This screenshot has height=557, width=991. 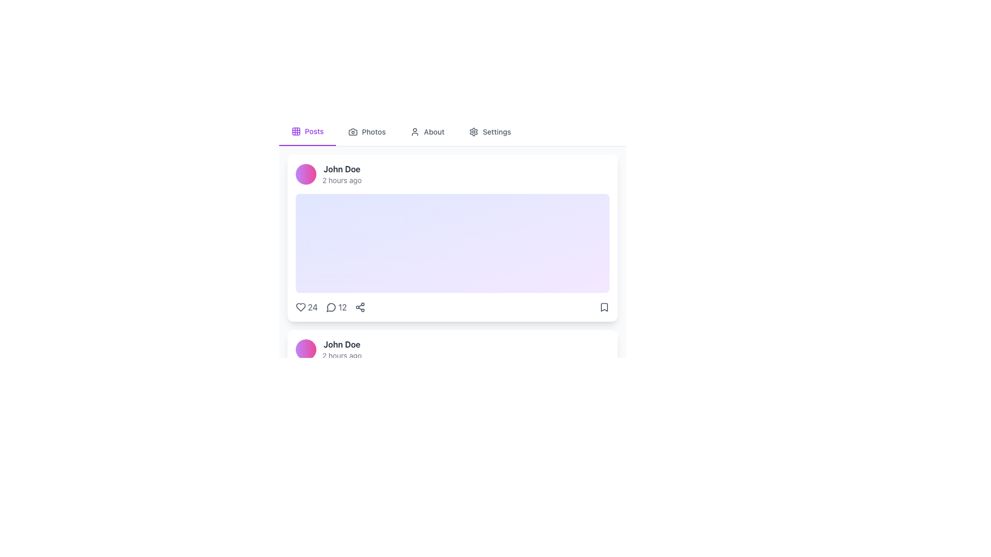 I want to click on the circular gradient avatar in the Profile section of the card, so click(x=452, y=174).